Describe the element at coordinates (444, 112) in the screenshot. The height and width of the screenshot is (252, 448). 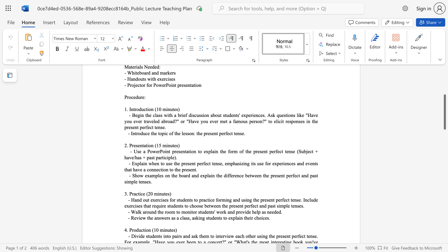
I see `the scrollbar and move up 210 pixels` at that location.